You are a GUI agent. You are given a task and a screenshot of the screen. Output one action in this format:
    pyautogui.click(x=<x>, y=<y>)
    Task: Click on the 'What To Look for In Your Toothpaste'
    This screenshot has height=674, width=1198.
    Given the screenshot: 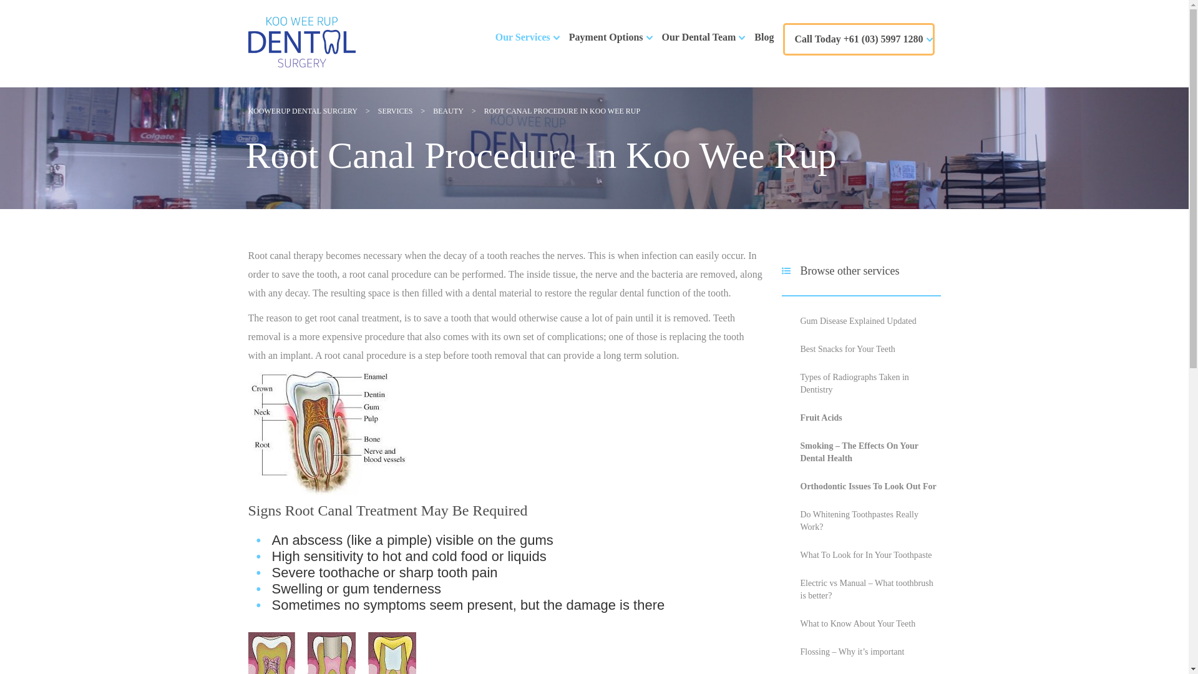 What is the action you would take?
    pyautogui.click(x=865, y=554)
    